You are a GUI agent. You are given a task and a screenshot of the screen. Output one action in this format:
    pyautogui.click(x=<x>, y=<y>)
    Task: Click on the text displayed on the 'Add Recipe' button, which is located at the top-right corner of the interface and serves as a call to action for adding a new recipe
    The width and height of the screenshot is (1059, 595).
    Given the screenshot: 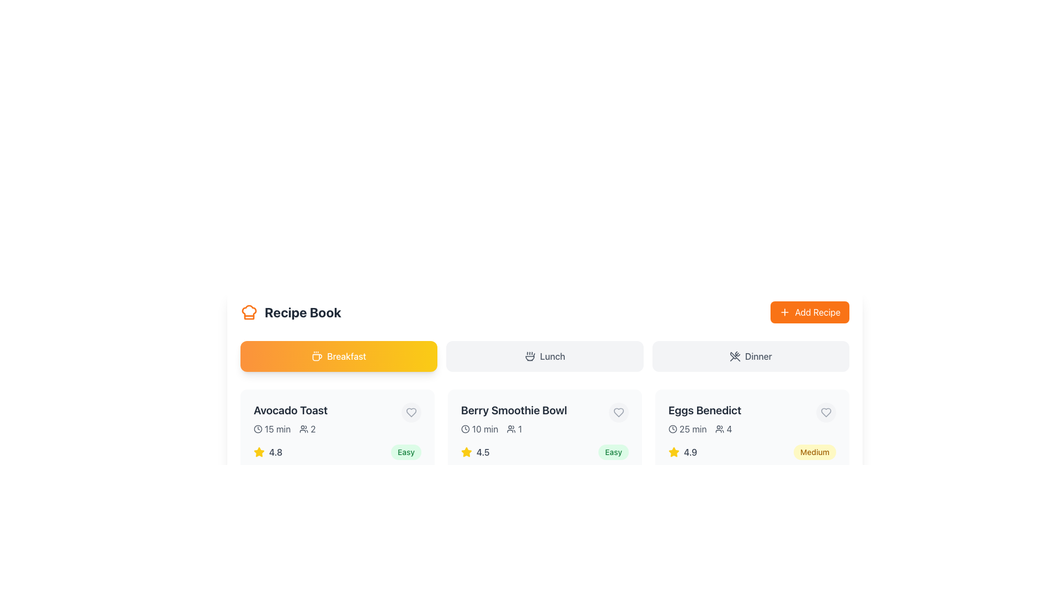 What is the action you would take?
    pyautogui.click(x=817, y=312)
    